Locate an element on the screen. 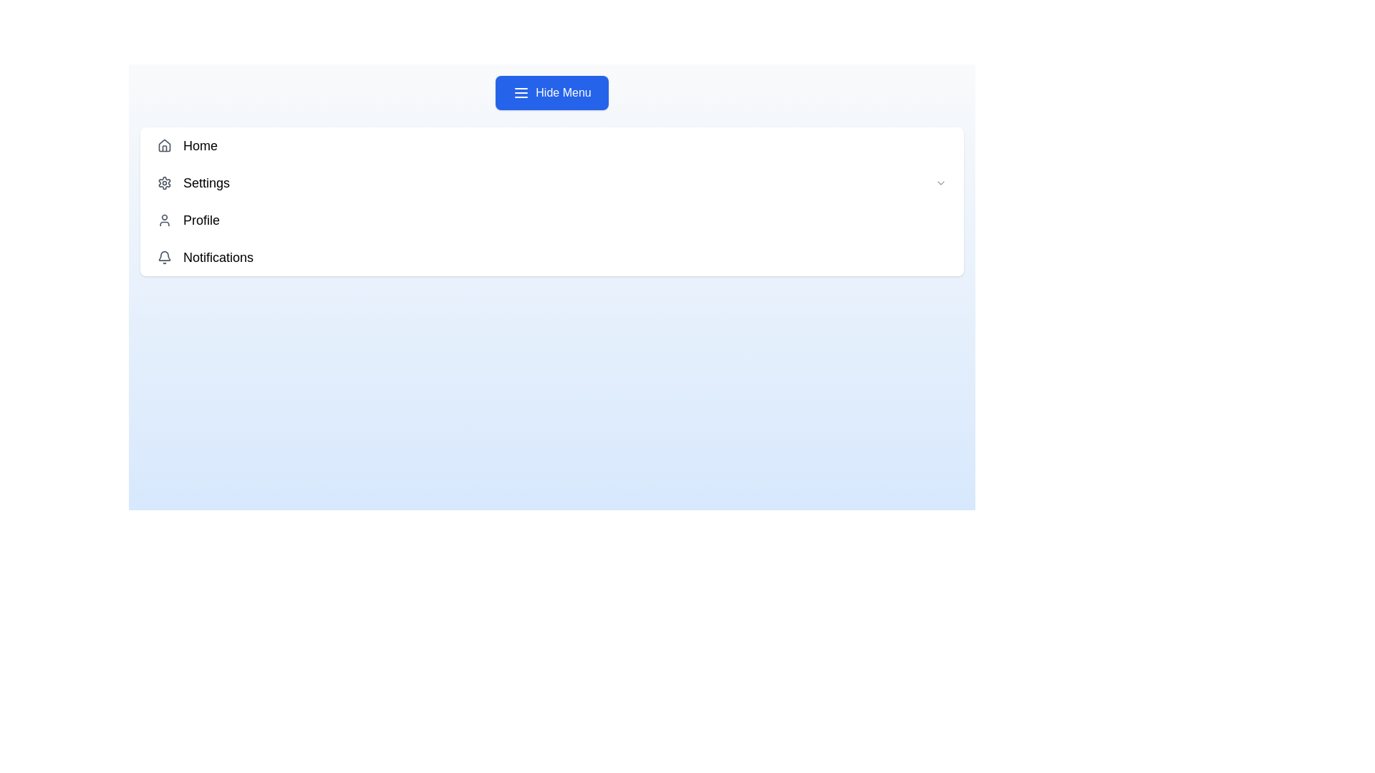  the 'Hide Menu' text label which is styled with a blue rectangular background and white centered text, located at the top-center region of the interface is located at coordinates (563, 93).